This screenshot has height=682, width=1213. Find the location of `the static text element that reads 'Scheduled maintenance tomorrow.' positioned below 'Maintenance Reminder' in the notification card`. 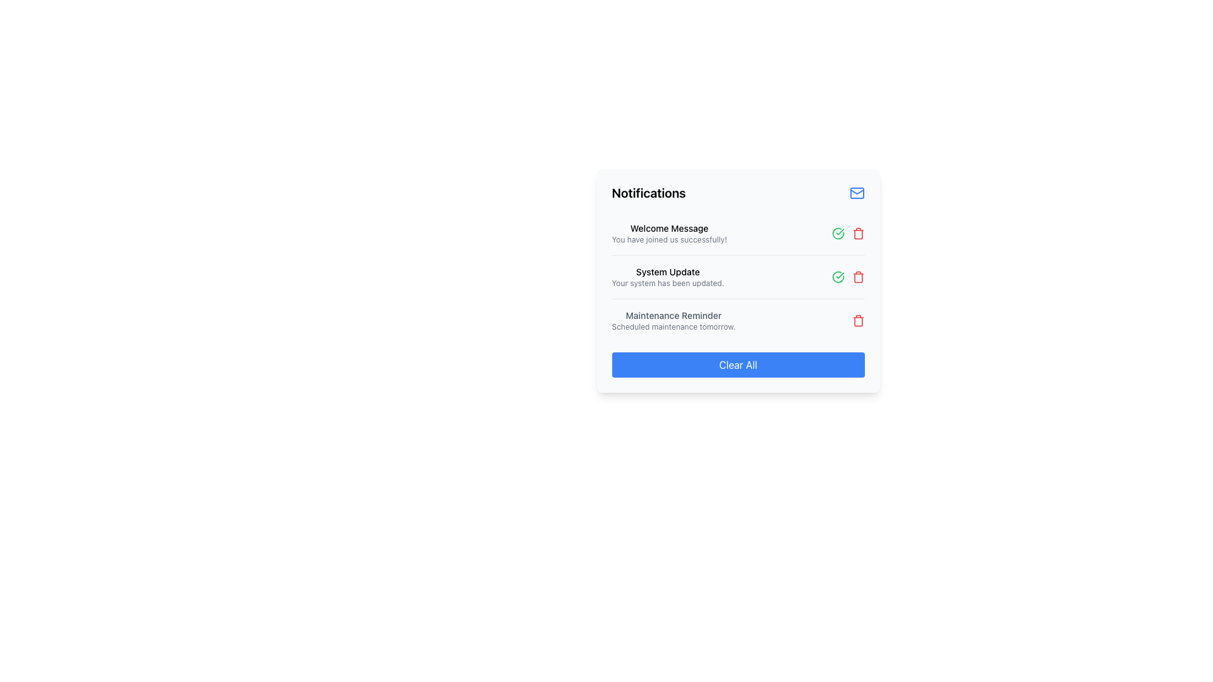

the static text element that reads 'Scheduled maintenance tomorrow.' positioned below 'Maintenance Reminder' in the notification card is located at coordinates (673, 326).